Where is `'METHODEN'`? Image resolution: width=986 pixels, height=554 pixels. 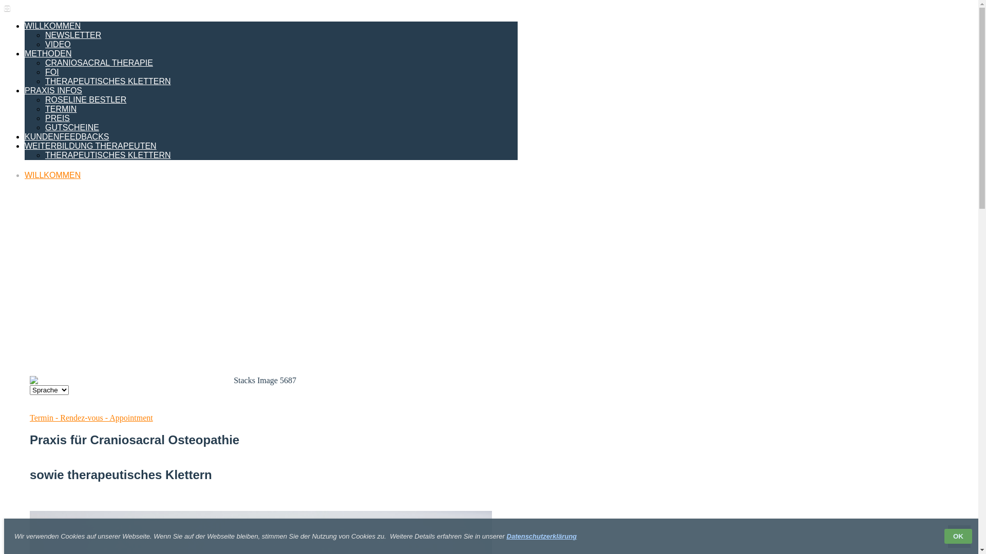
'METHODEN' is located at coordinates (48, 53).